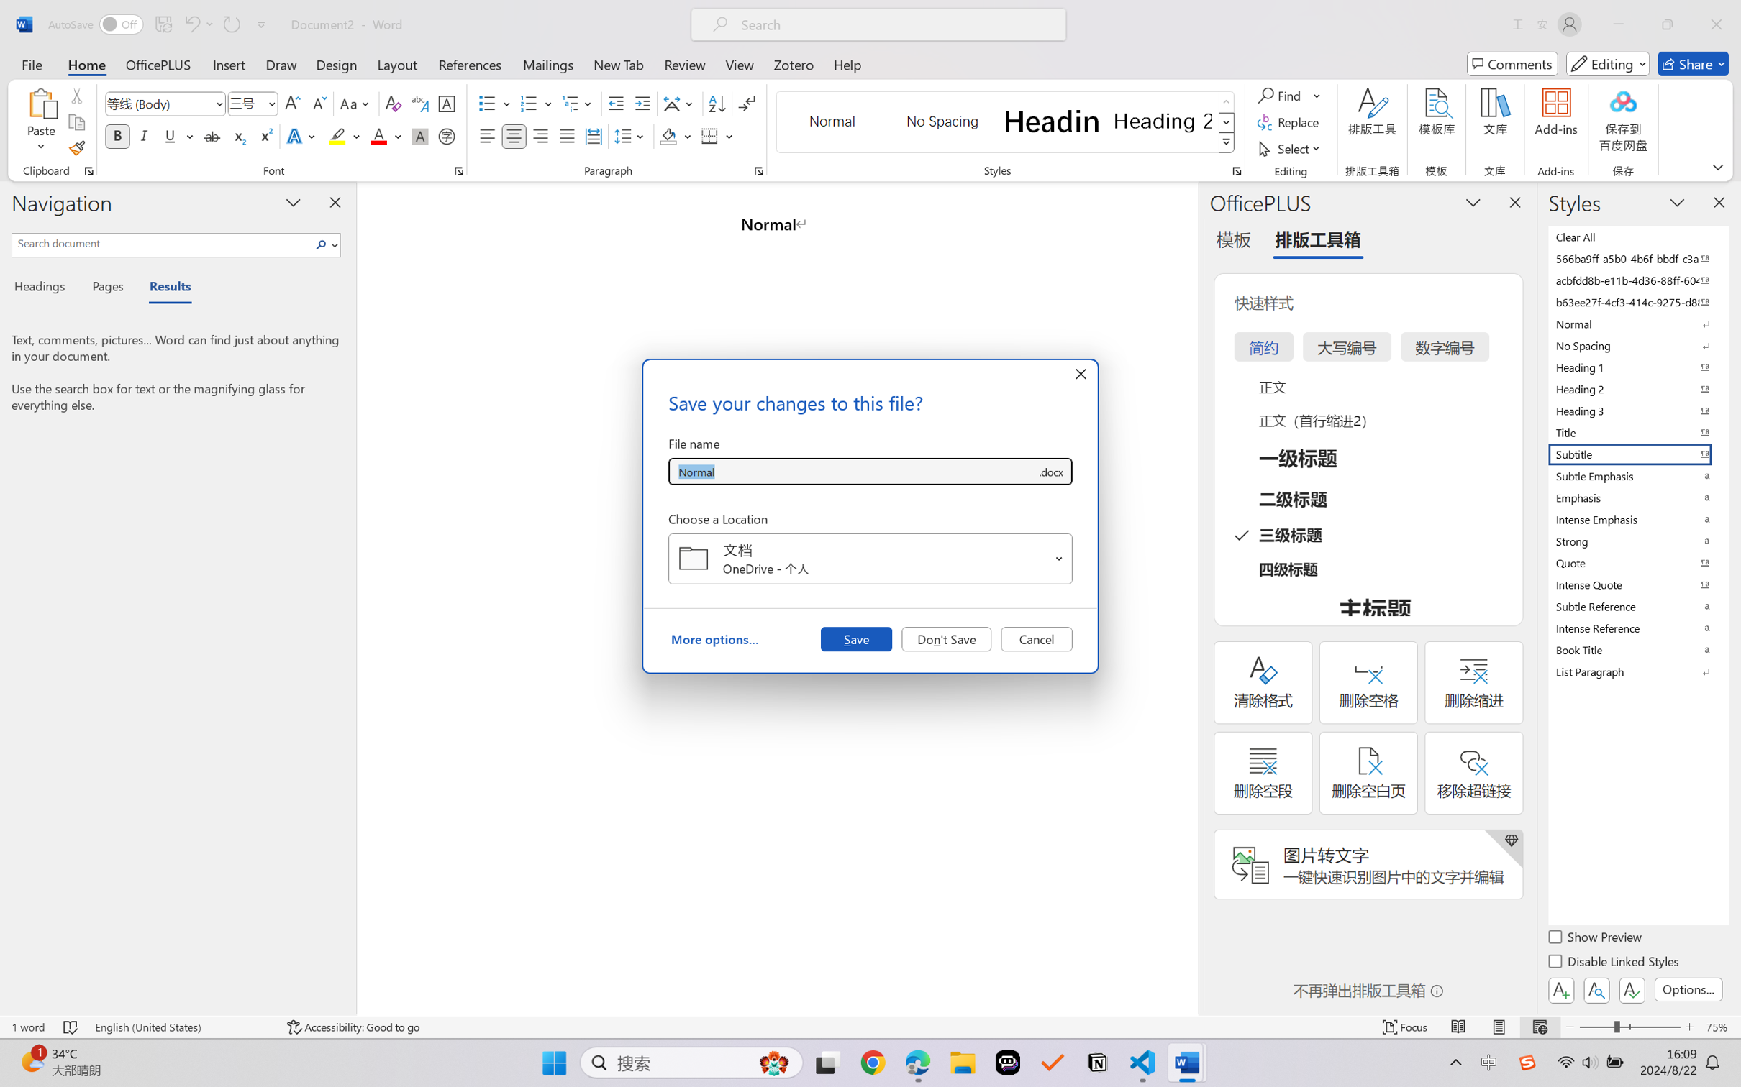 The height and width of the screenshot is (1087, 1741). I want to click on 'Google Chrome', so click(873, 1063).